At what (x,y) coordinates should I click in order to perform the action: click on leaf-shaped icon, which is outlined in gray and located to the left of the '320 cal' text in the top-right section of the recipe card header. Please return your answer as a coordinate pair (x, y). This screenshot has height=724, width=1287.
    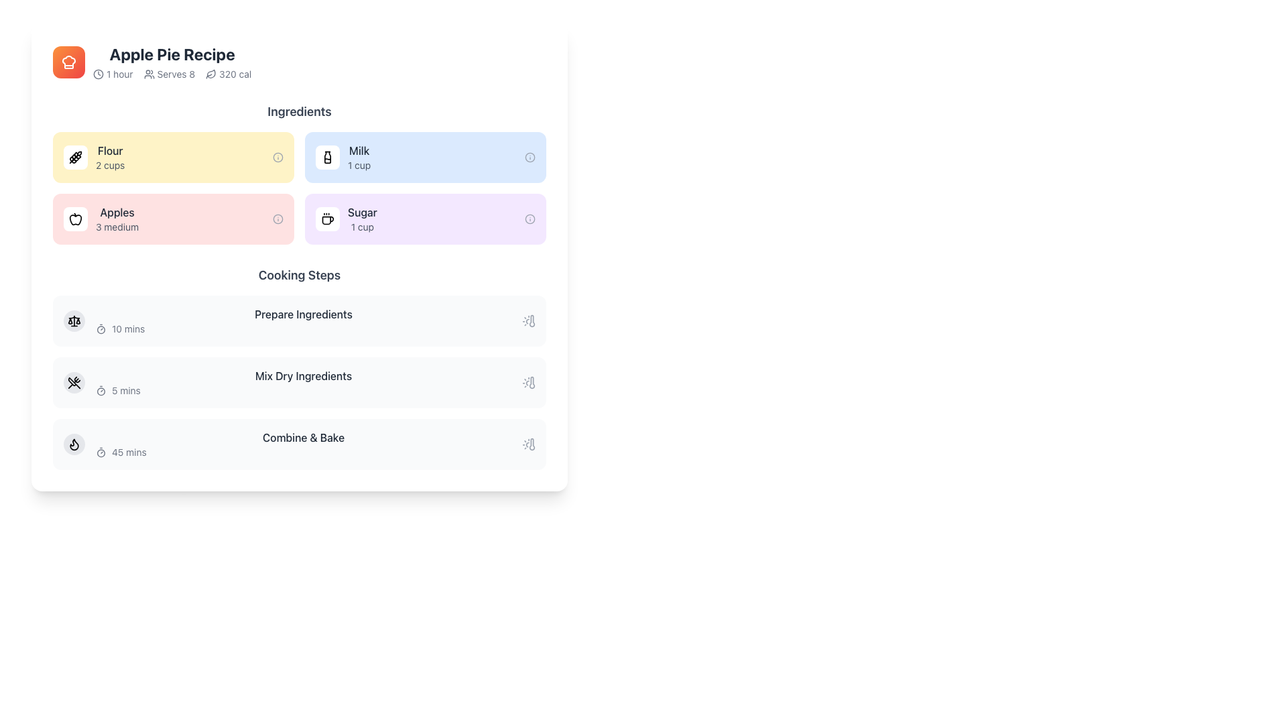
    Looking at the image, I should click on (210, 74).